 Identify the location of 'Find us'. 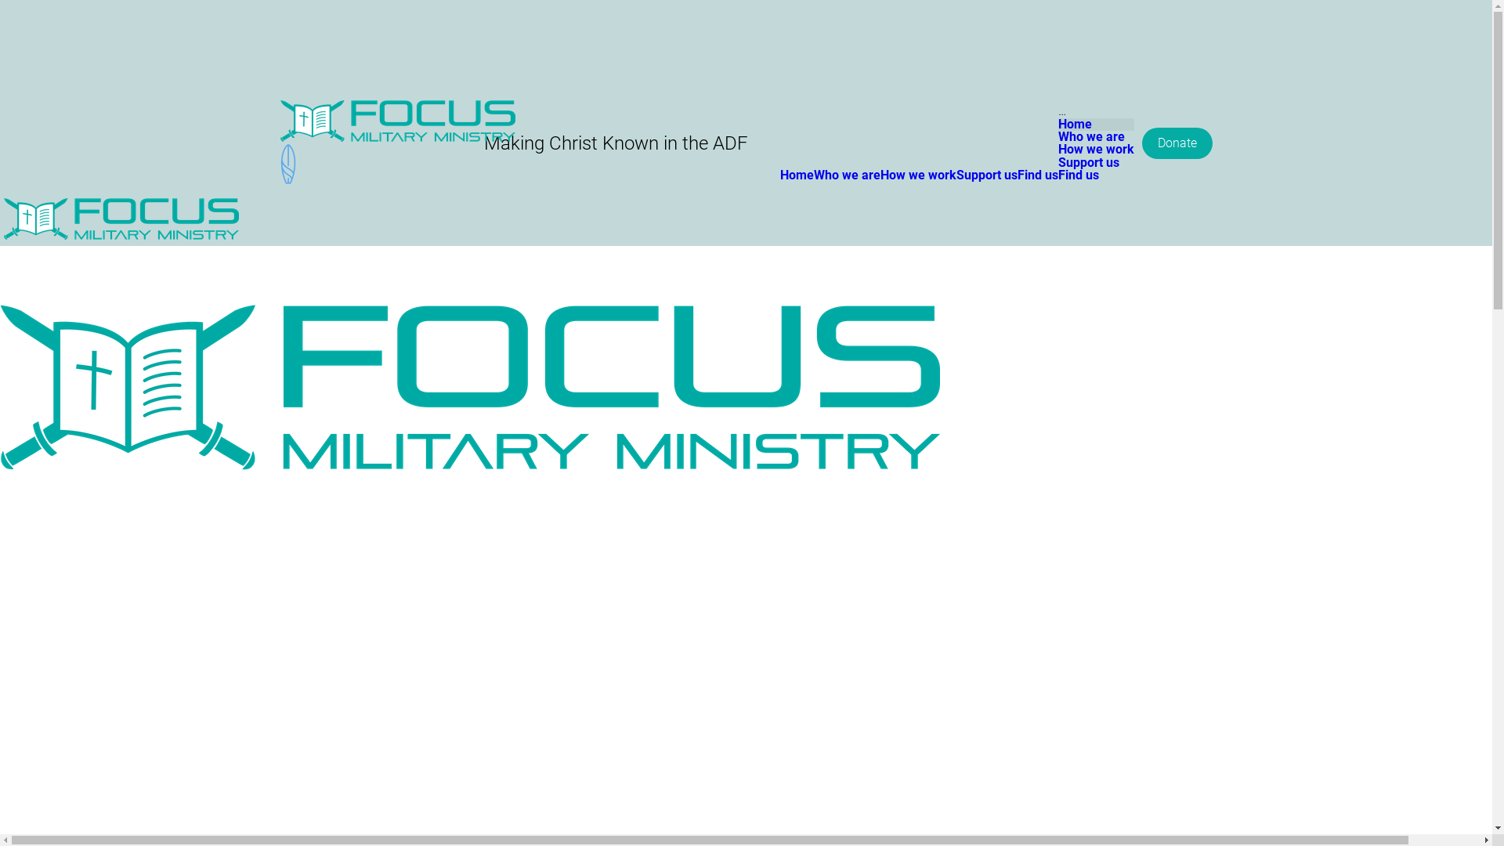
(1037, 175).